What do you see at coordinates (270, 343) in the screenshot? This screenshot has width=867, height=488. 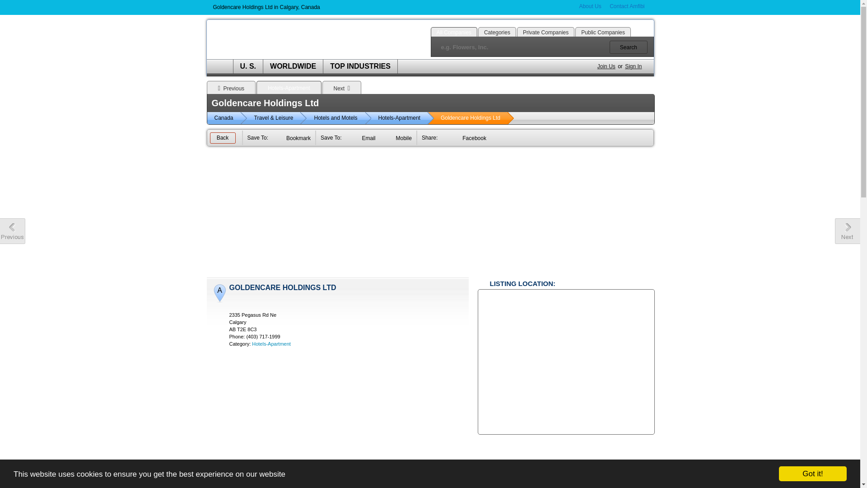 I see `'Hotels-Apartment'` at bounding box center [270, 343].